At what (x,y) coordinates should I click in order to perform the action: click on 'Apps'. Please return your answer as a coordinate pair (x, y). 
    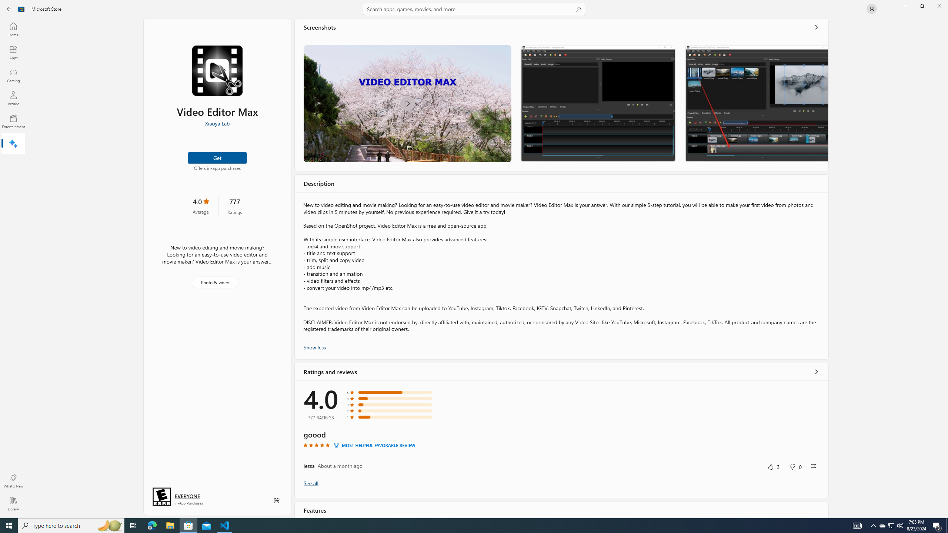
    Looking at the image, I should click on (13, 52).